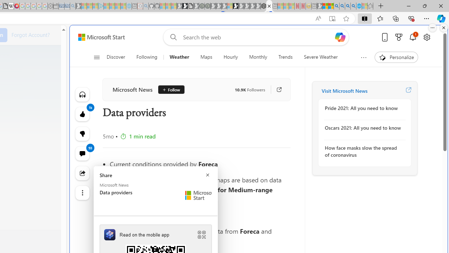 This screenshot has height=253, width=449. What do you see at coordinates (129, 6) in the screenshot?
I see `'Home | Sky Blue Bikes - Sky Blue Bikes - Sleeping'` at bounding box center [129, 6].